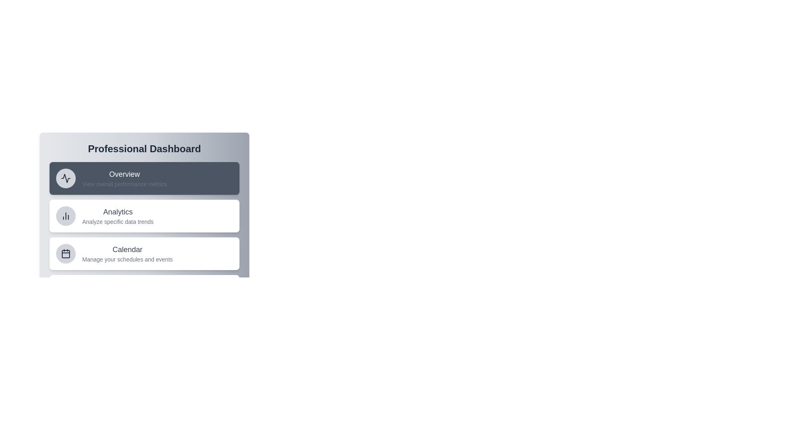 The height and width of the screenshot is (442, 786). Describe the element at coordinates (145, 216) in the screenshot. I see `the menu item Analytics to observe its hover effect` at that location.